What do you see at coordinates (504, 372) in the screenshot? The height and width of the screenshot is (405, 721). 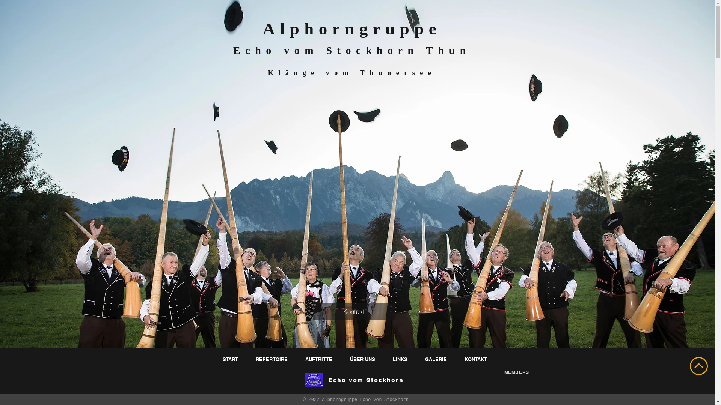 I see `'MEMBERS'` at bounding box center [504, 372].